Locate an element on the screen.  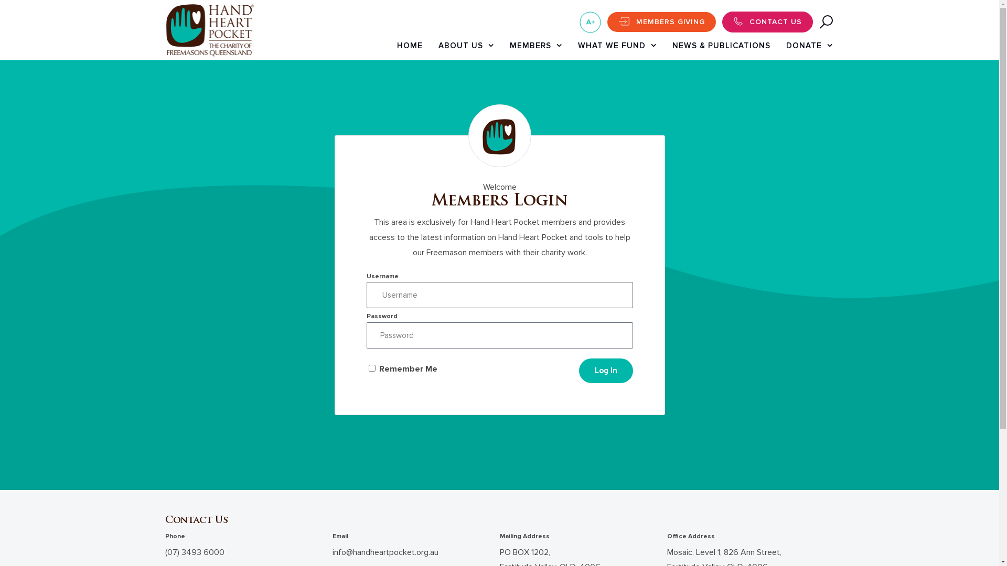
'ui-hhp-logo@2x' is located at coordinates (209, 29).